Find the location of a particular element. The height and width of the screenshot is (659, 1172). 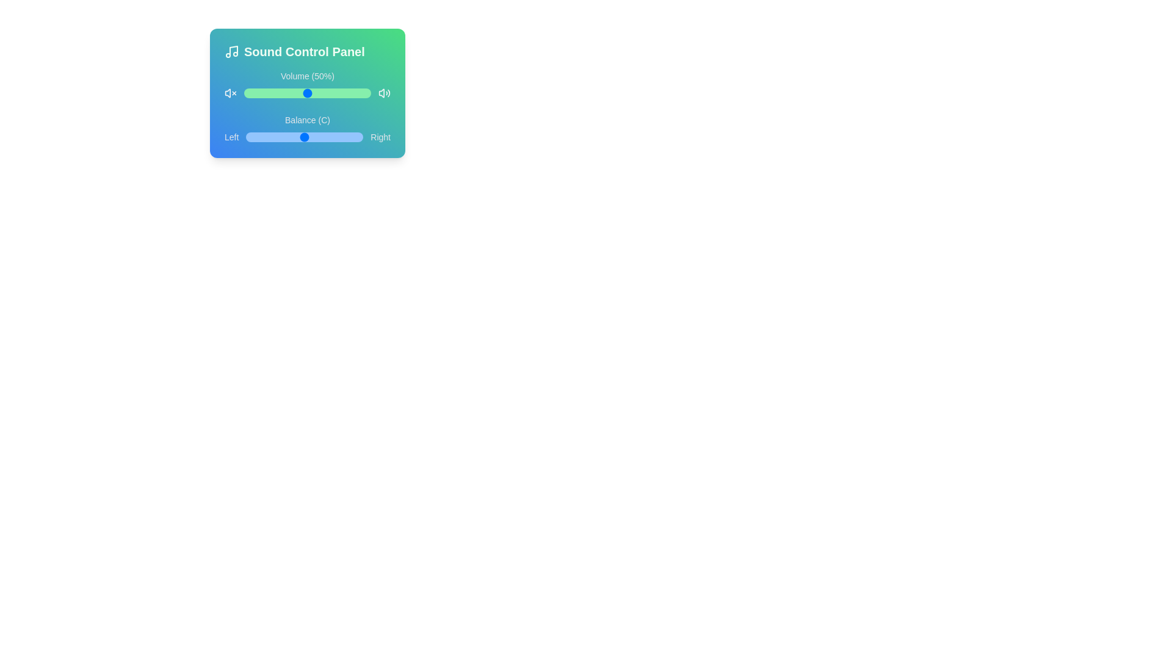

balance is located at coordinates (344, 137).